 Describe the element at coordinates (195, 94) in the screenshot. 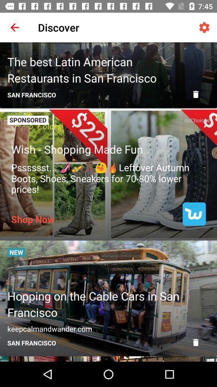

I see `delete image` at that location.